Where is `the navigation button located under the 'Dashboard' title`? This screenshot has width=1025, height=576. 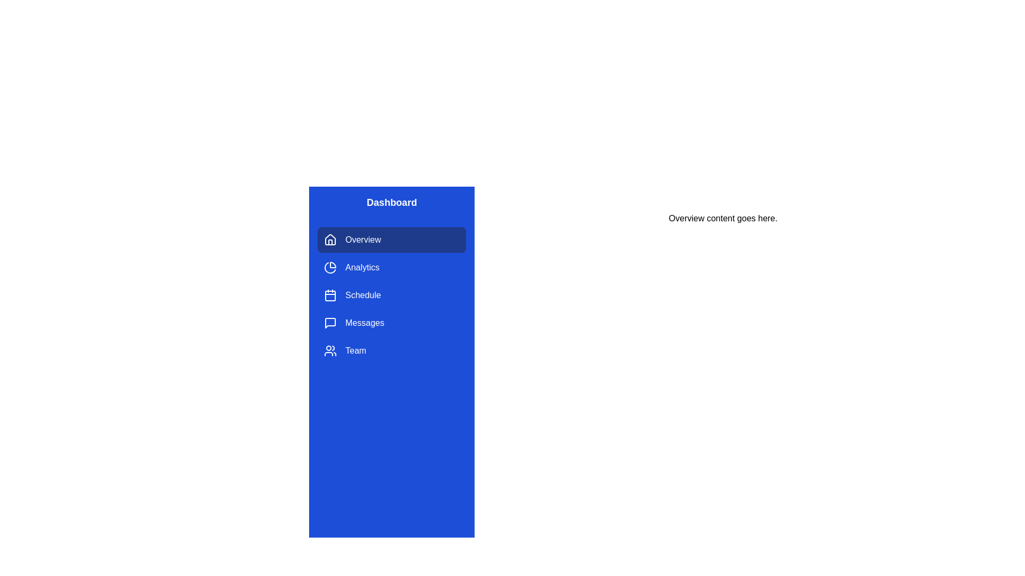
the navigation button located under the 'Dashboard' title is located at coordinates (391, 240).